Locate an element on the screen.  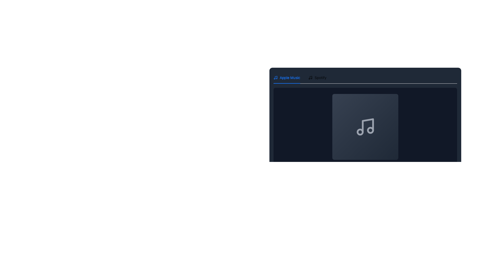
the Spotify tab, which is the second item in the horizontal tab navigation bar is located at coordinates (317, 77).